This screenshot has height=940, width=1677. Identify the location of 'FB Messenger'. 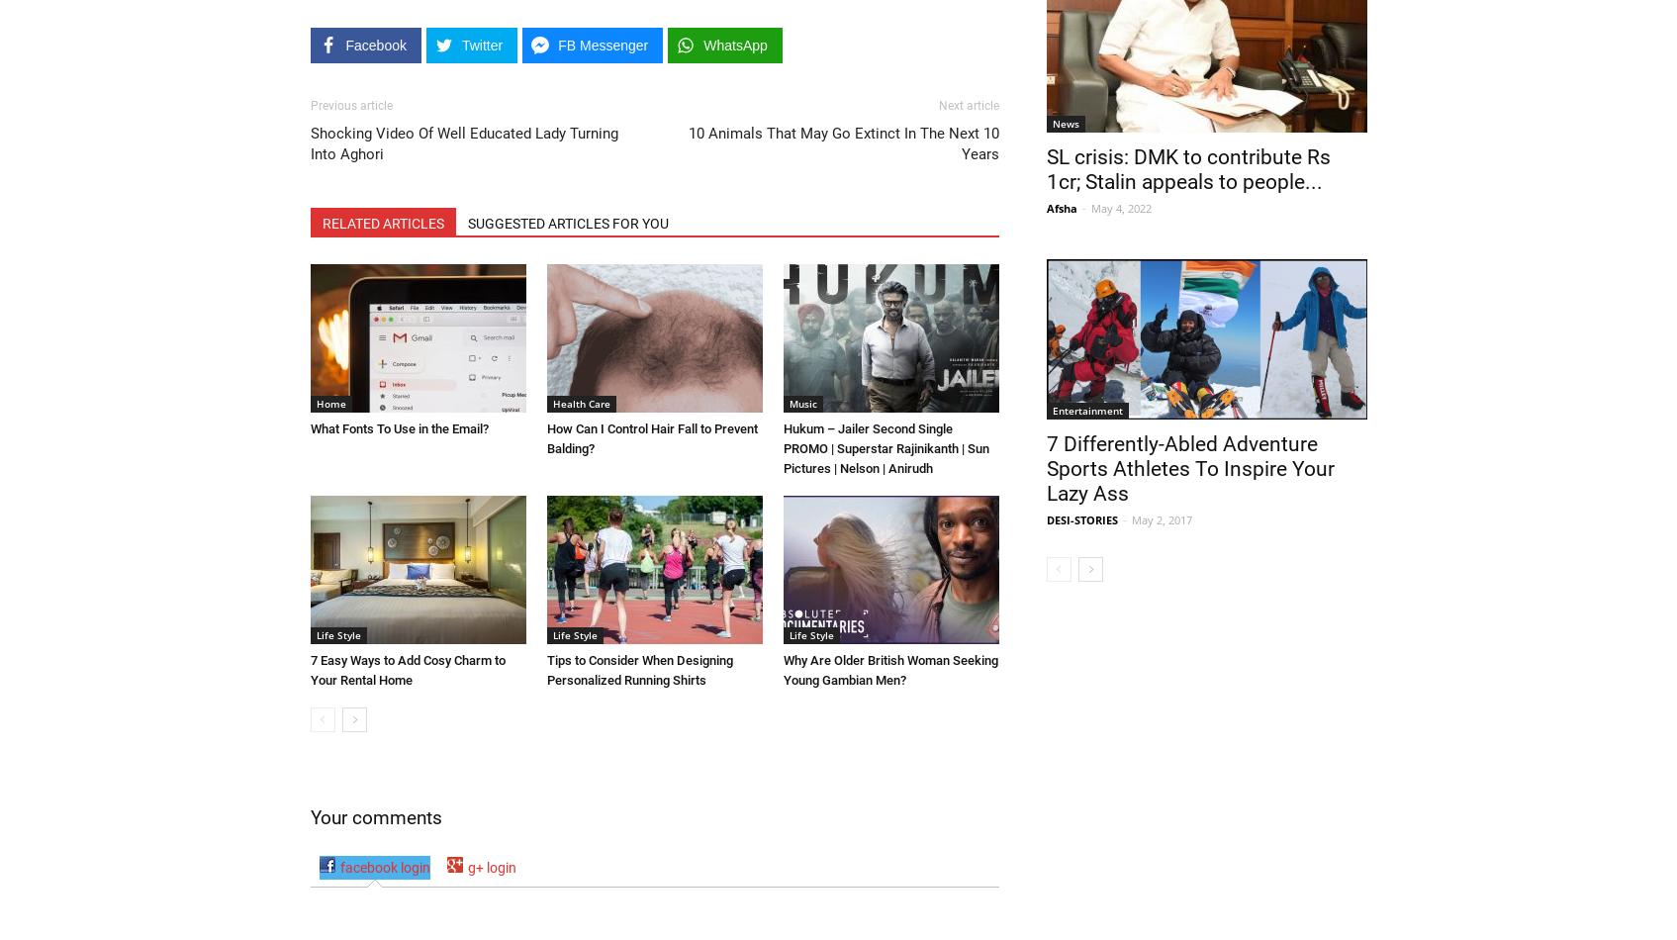
(602, 45).